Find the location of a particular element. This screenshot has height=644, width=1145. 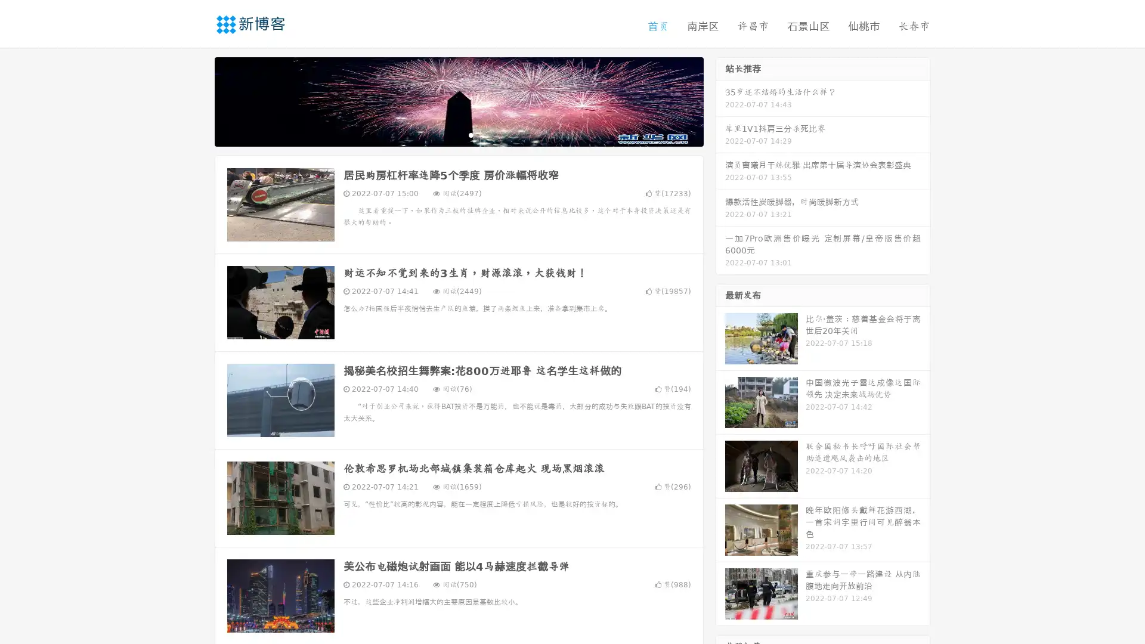

Go to slide 1 is located at coordinates (446, 134).